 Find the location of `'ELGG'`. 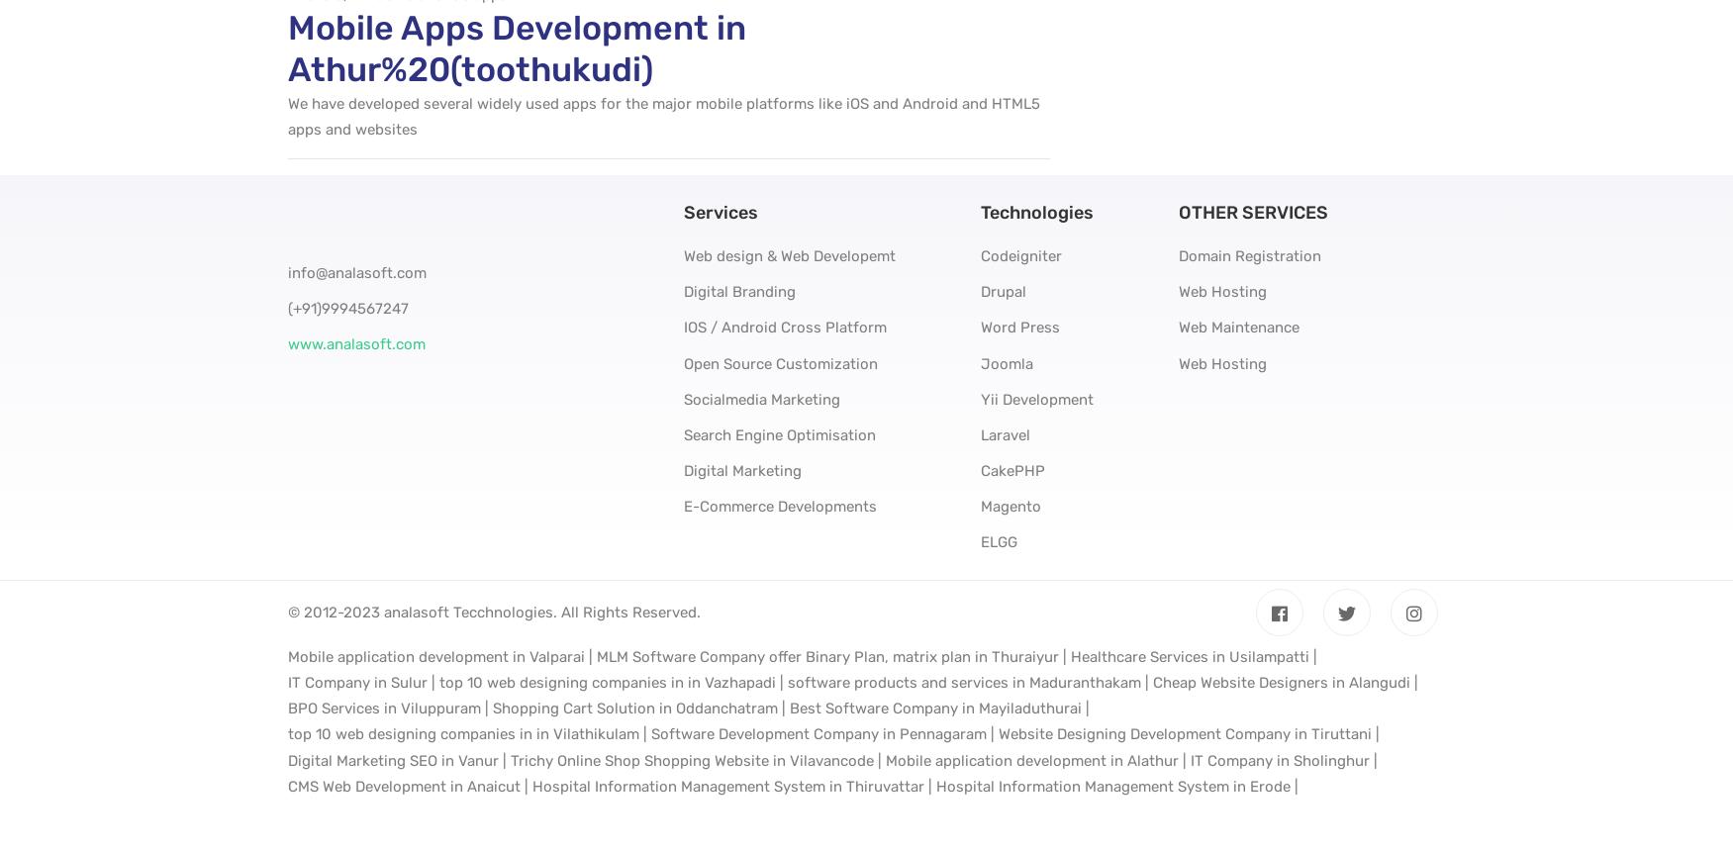

'ELGG' is located at coordinates (998, 541).